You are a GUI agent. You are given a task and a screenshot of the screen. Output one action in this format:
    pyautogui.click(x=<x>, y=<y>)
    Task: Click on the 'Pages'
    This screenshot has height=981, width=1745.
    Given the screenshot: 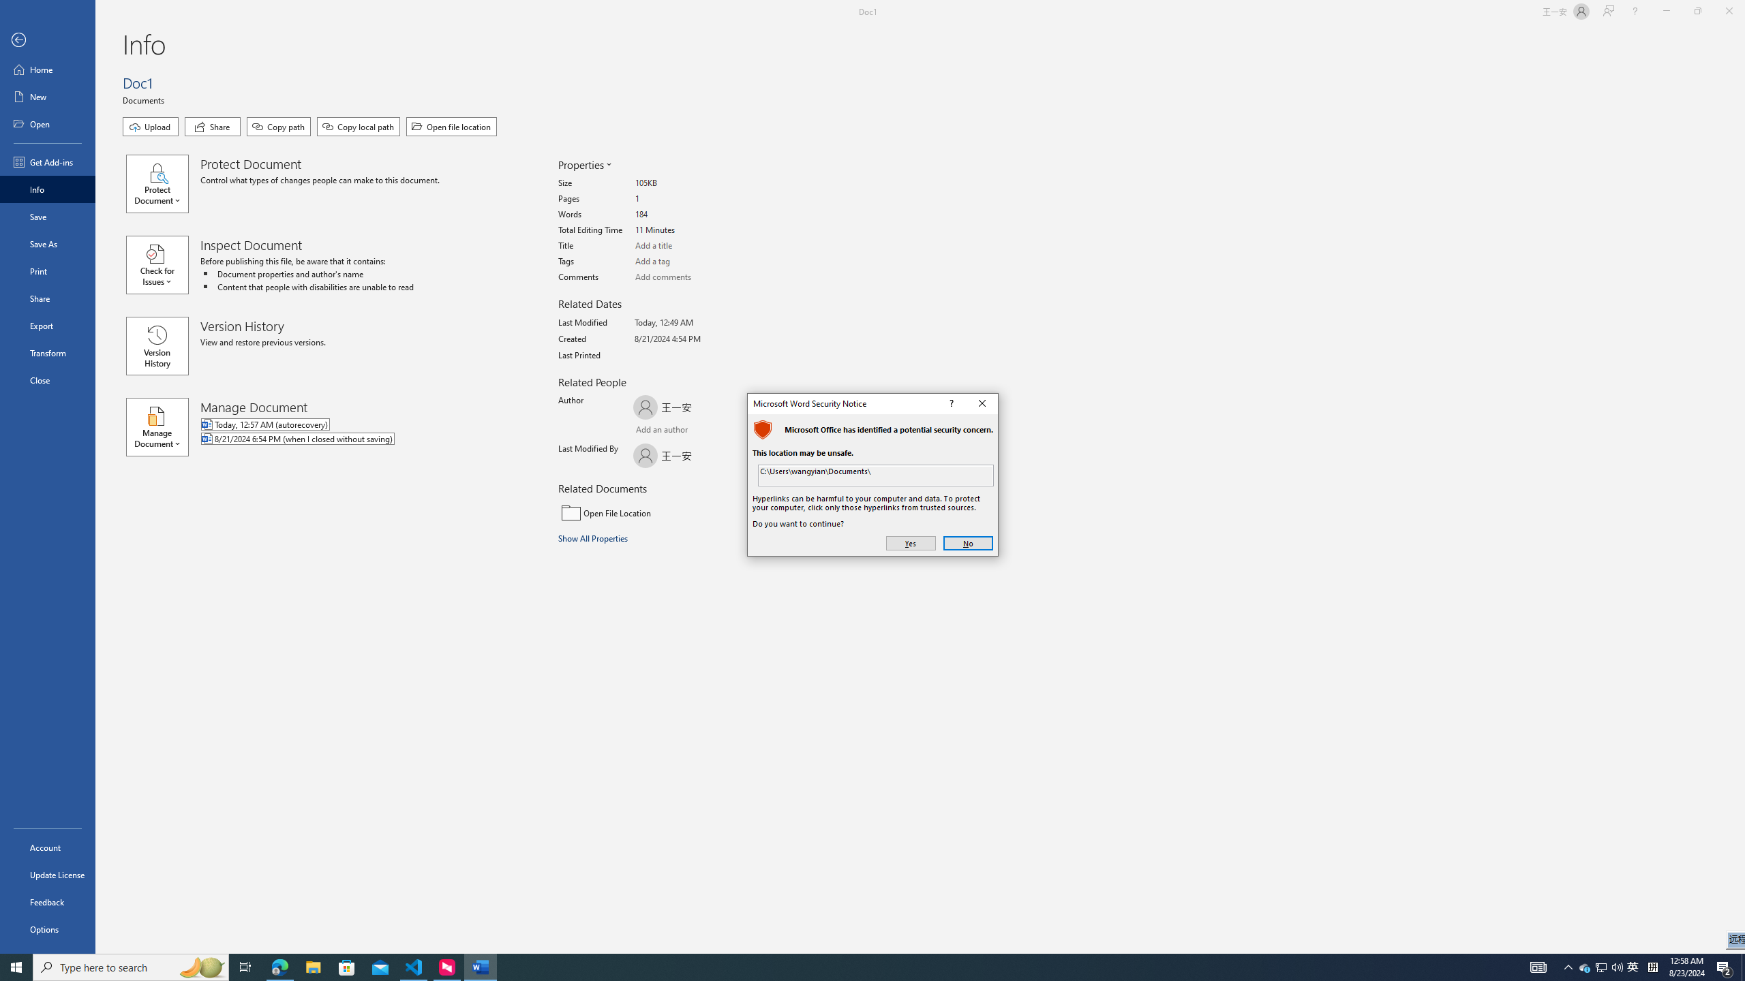 What is the action you would take?
    pyautogui.click(x=686, y=199)
    